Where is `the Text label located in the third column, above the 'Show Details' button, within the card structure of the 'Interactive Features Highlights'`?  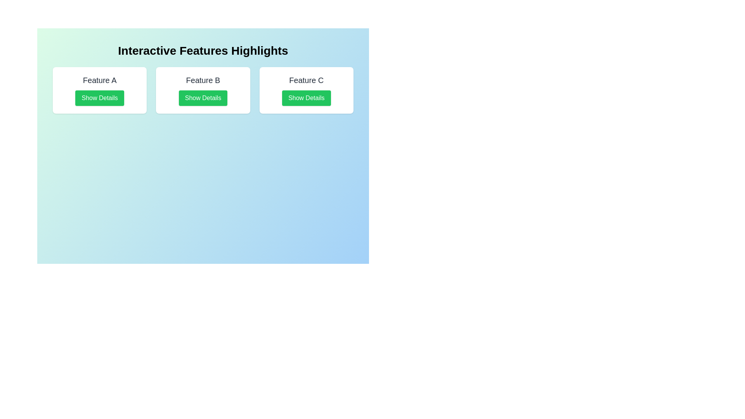
the Text label located in the third column, above the 'Show Details' button, within the card structure of the 'Interactive Features Highlights' is located at coordinates (306, 80).